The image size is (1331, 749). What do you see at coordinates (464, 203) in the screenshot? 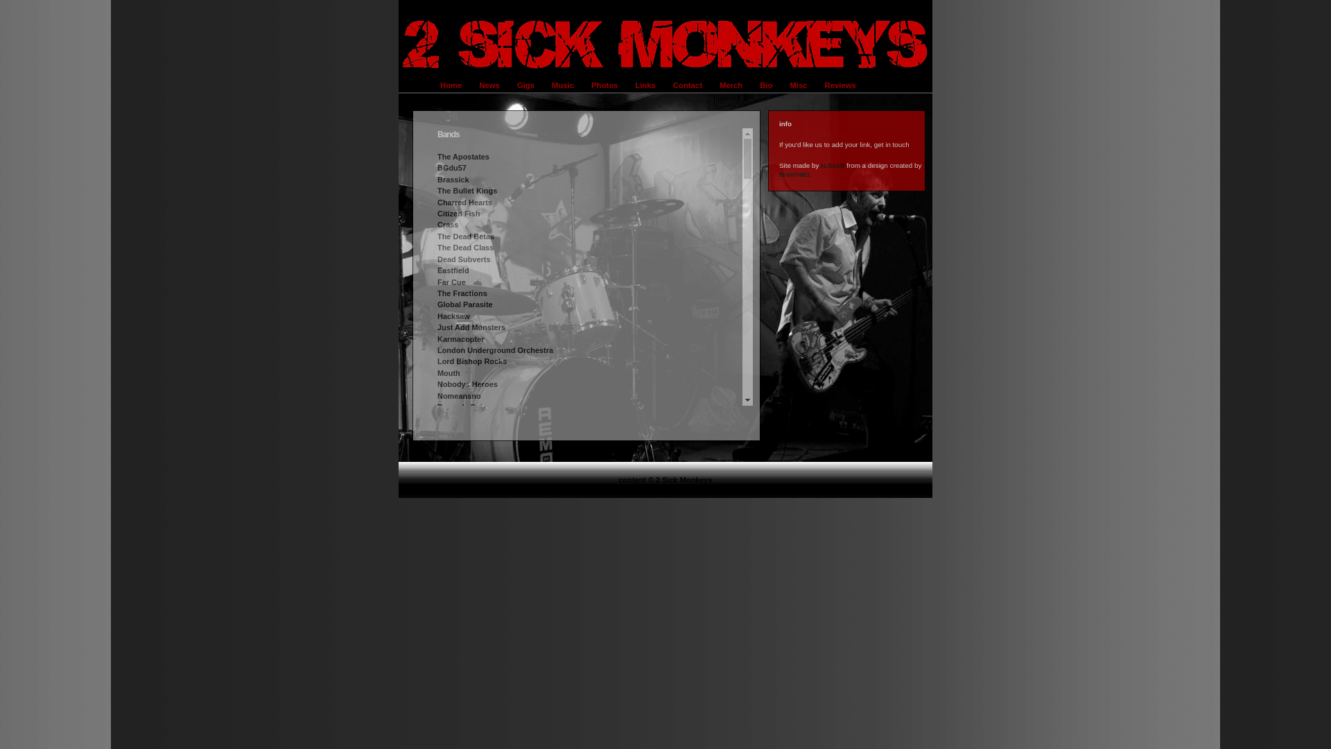
I see `'Charred Hearts'` at bounding box center [464, 203].